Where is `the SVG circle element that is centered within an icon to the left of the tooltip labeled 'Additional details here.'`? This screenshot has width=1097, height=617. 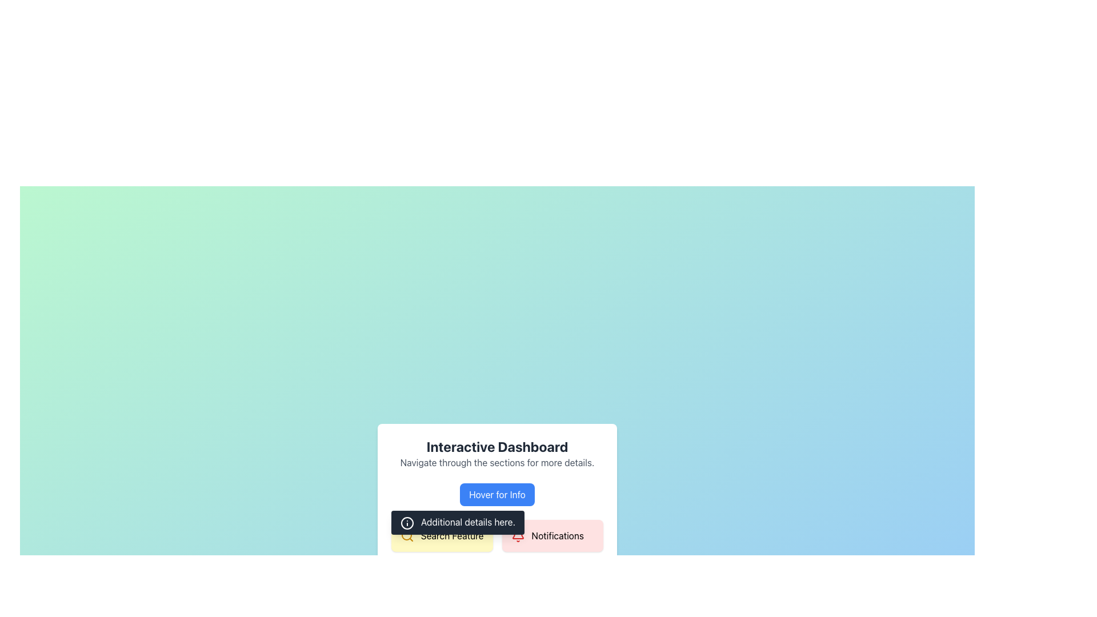 the SVG circle element that is centered within an icon to the left of the tooltip labeled 'Additional details here.' is located at coordinates (407, 523).